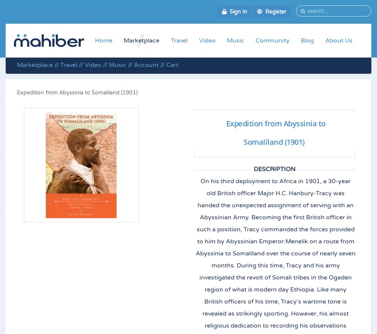 This screenshot has width=377, height=334. I want to click on 'Account //', so click(150, 64).